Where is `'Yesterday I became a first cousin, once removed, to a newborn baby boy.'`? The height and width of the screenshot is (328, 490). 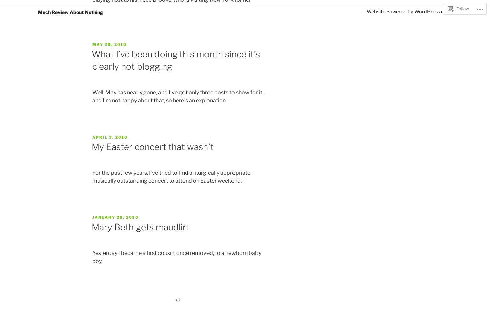 'Yesterday I became a first cousin, once removed, to a newborn baby boy.' is located at coordinates (177, 257).